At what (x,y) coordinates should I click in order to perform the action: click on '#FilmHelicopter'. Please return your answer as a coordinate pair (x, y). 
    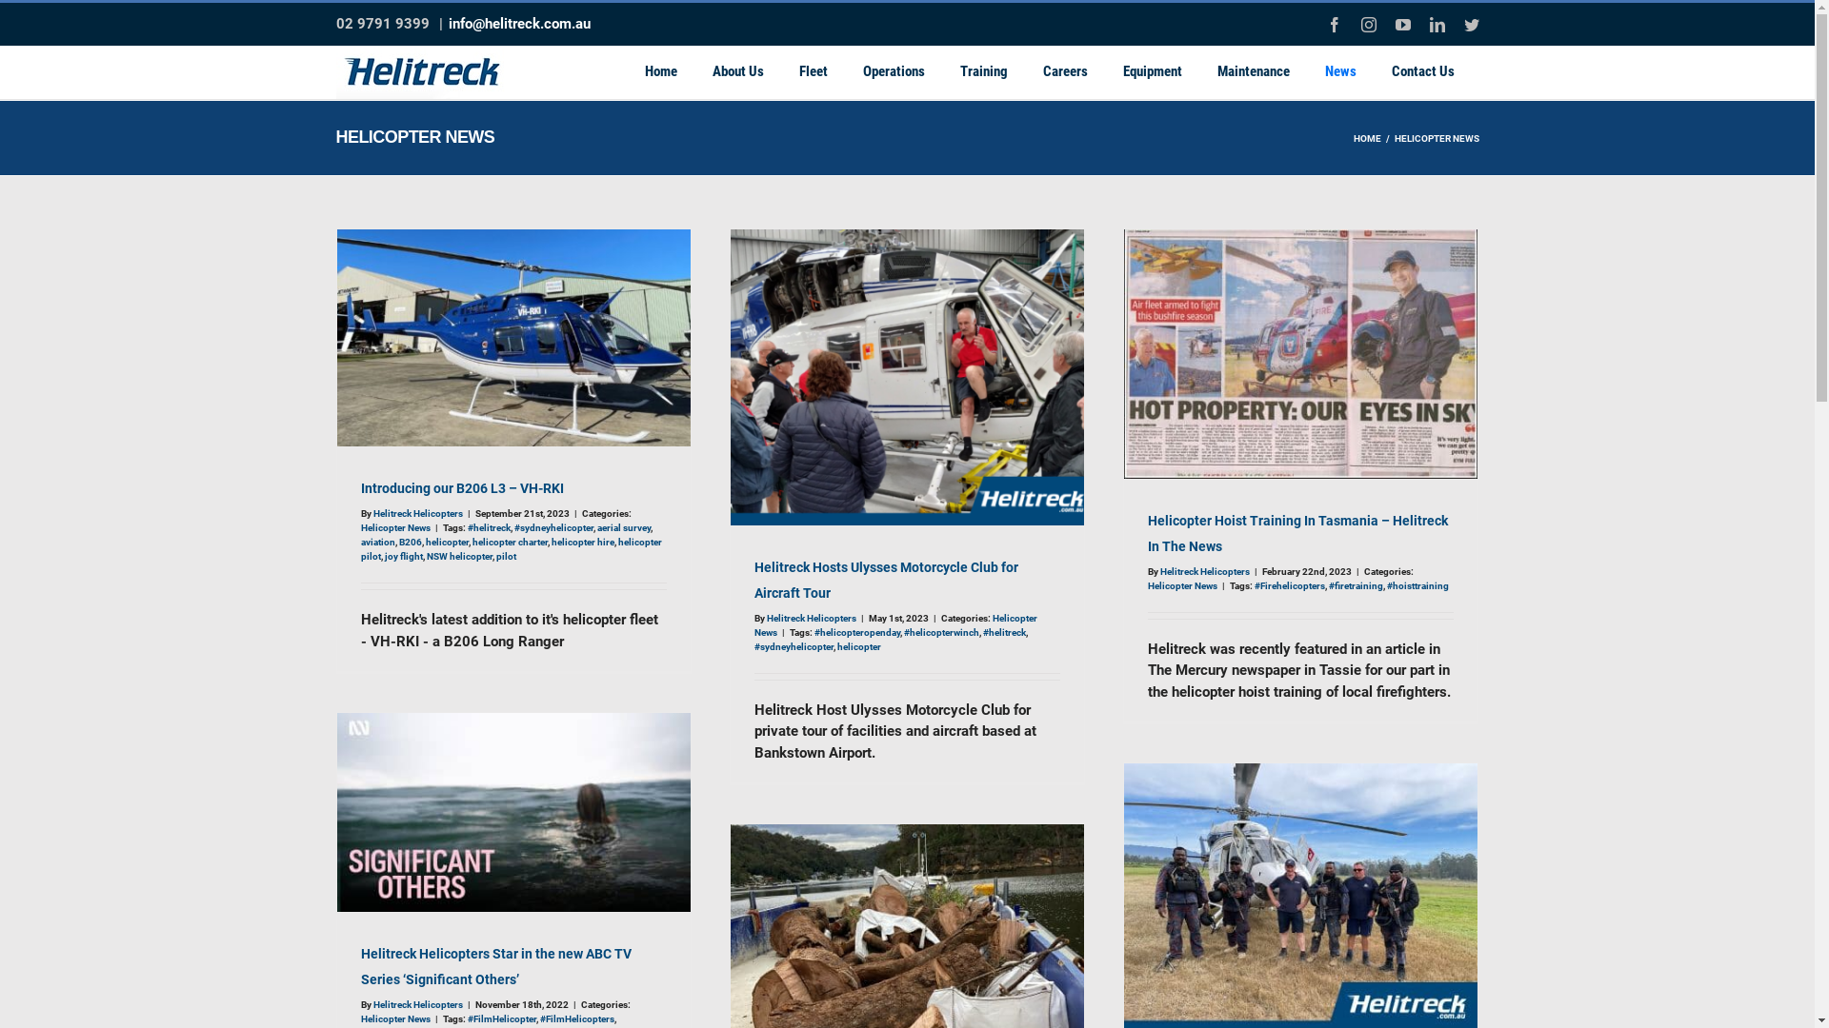
    Looking at the image, I should click on (501, 1018).